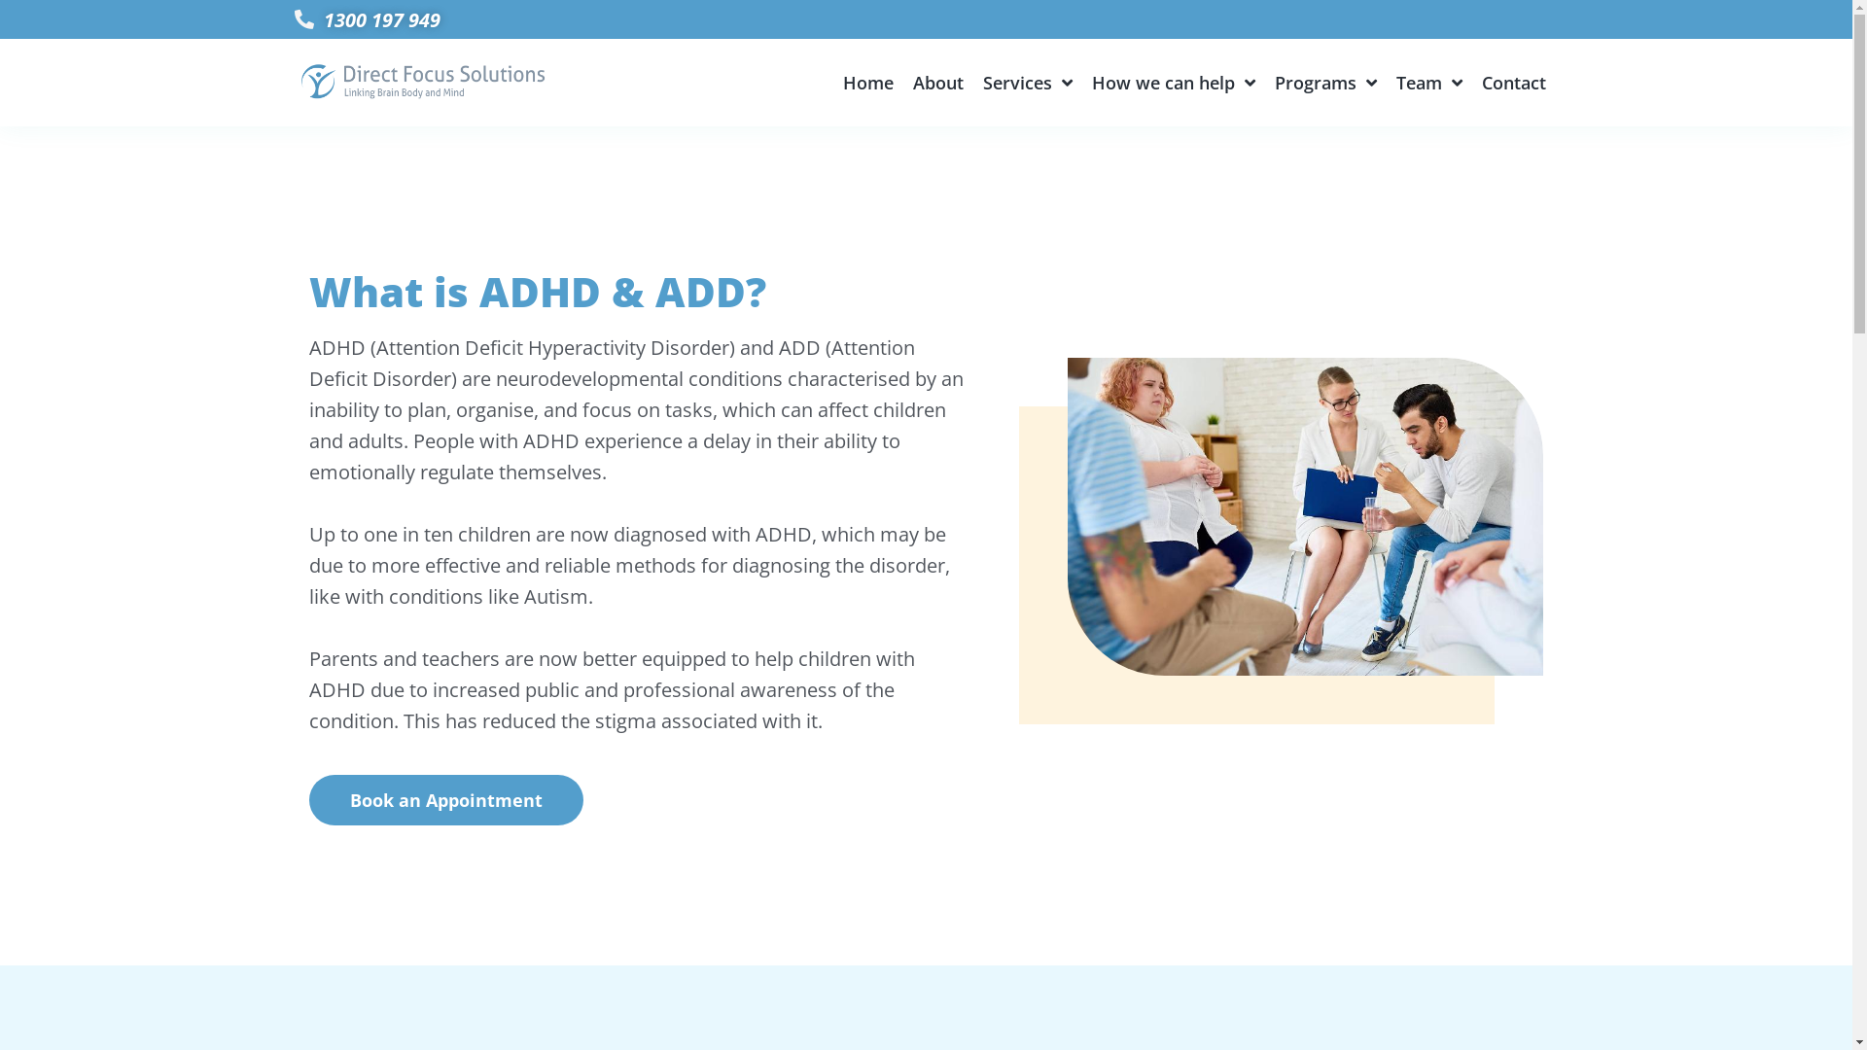 This screenshot has height=1050, width=1867. What do you see at coordinates (1026, 81) in the screenshot?
I see `'Services'` at bounding box center [1026, 81].